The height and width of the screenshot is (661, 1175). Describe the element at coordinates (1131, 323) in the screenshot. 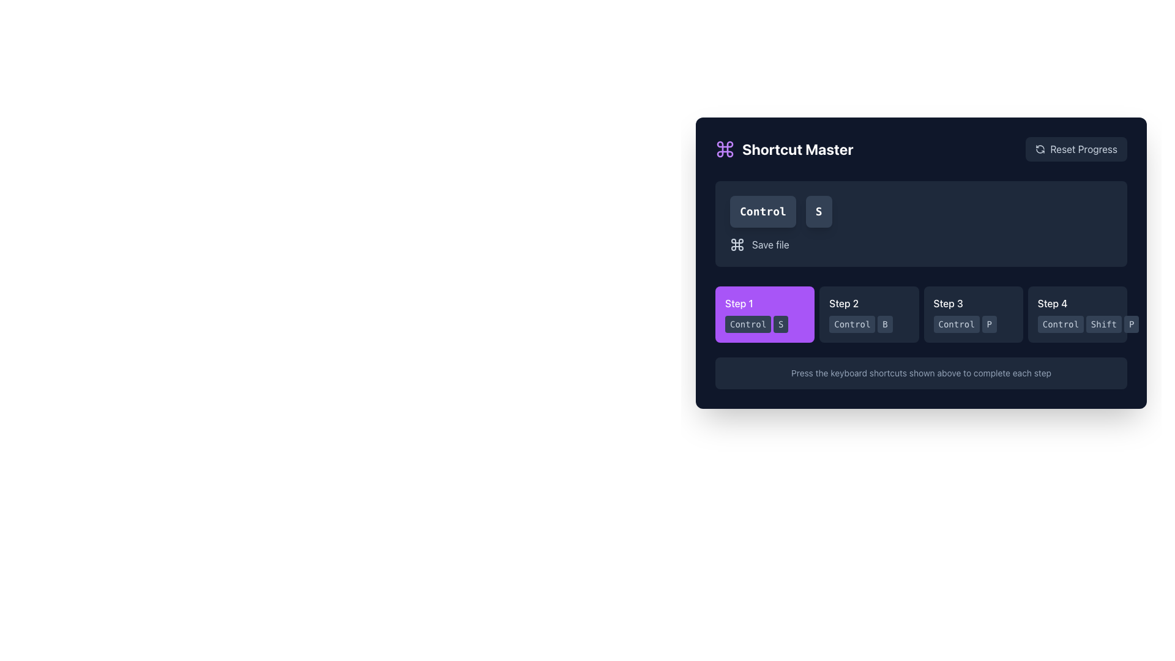

I see `text on the button labeled 'P', which is the third button in a horizontal group of buttons located at the bottom right corner of step 4 in the interface` at that location.